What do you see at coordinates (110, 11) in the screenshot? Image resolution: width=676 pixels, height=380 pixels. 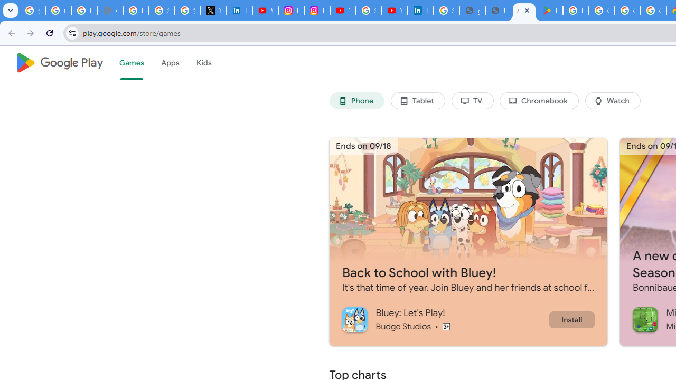 I see `'support.google.com - Network error'` at bounding box center [110, 11].